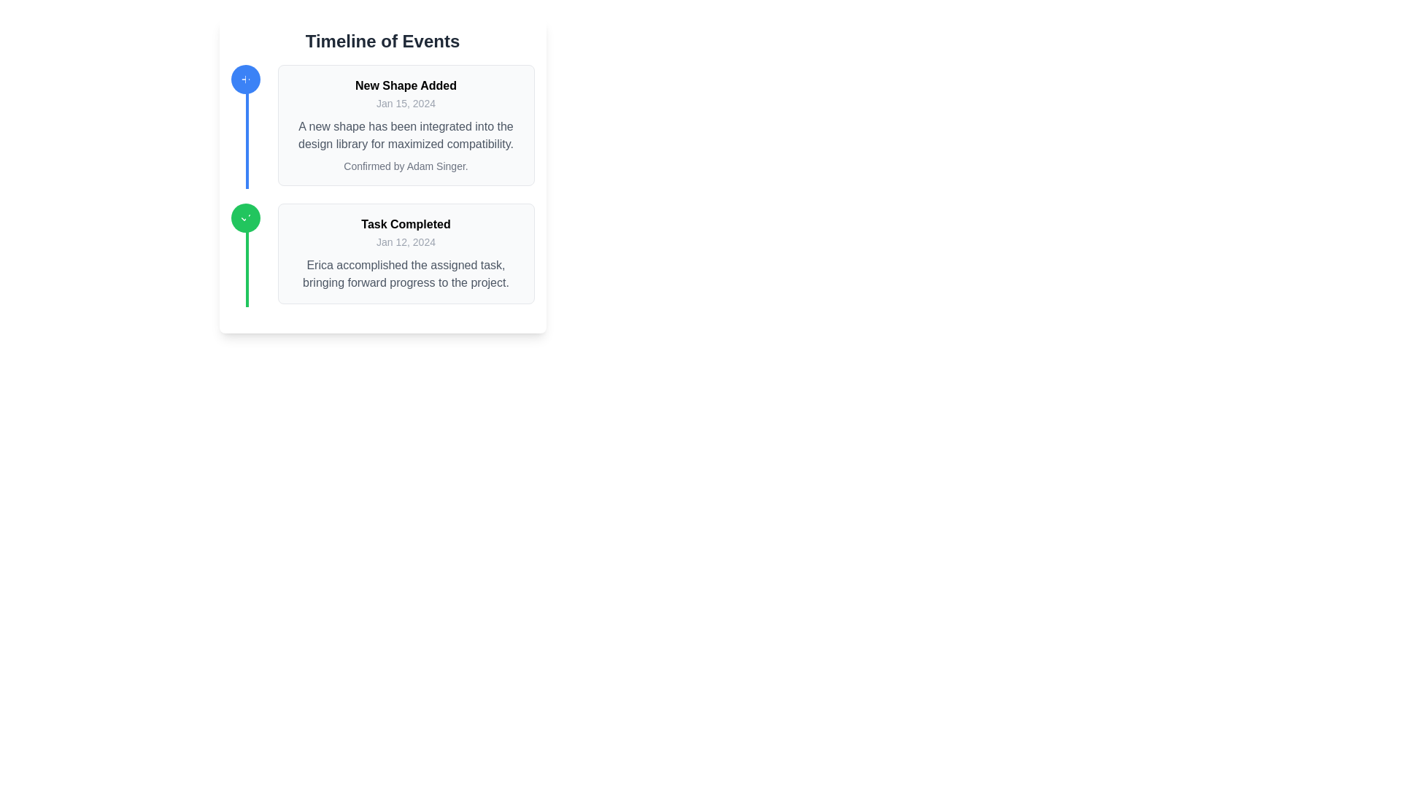 The height and width of the screenshot is (788, 1401). Describe the element at coordinates (382, 41) in the screenshot. I see `heading text element located at the top of the panel, which serves as the title for the events listed below` at that location.